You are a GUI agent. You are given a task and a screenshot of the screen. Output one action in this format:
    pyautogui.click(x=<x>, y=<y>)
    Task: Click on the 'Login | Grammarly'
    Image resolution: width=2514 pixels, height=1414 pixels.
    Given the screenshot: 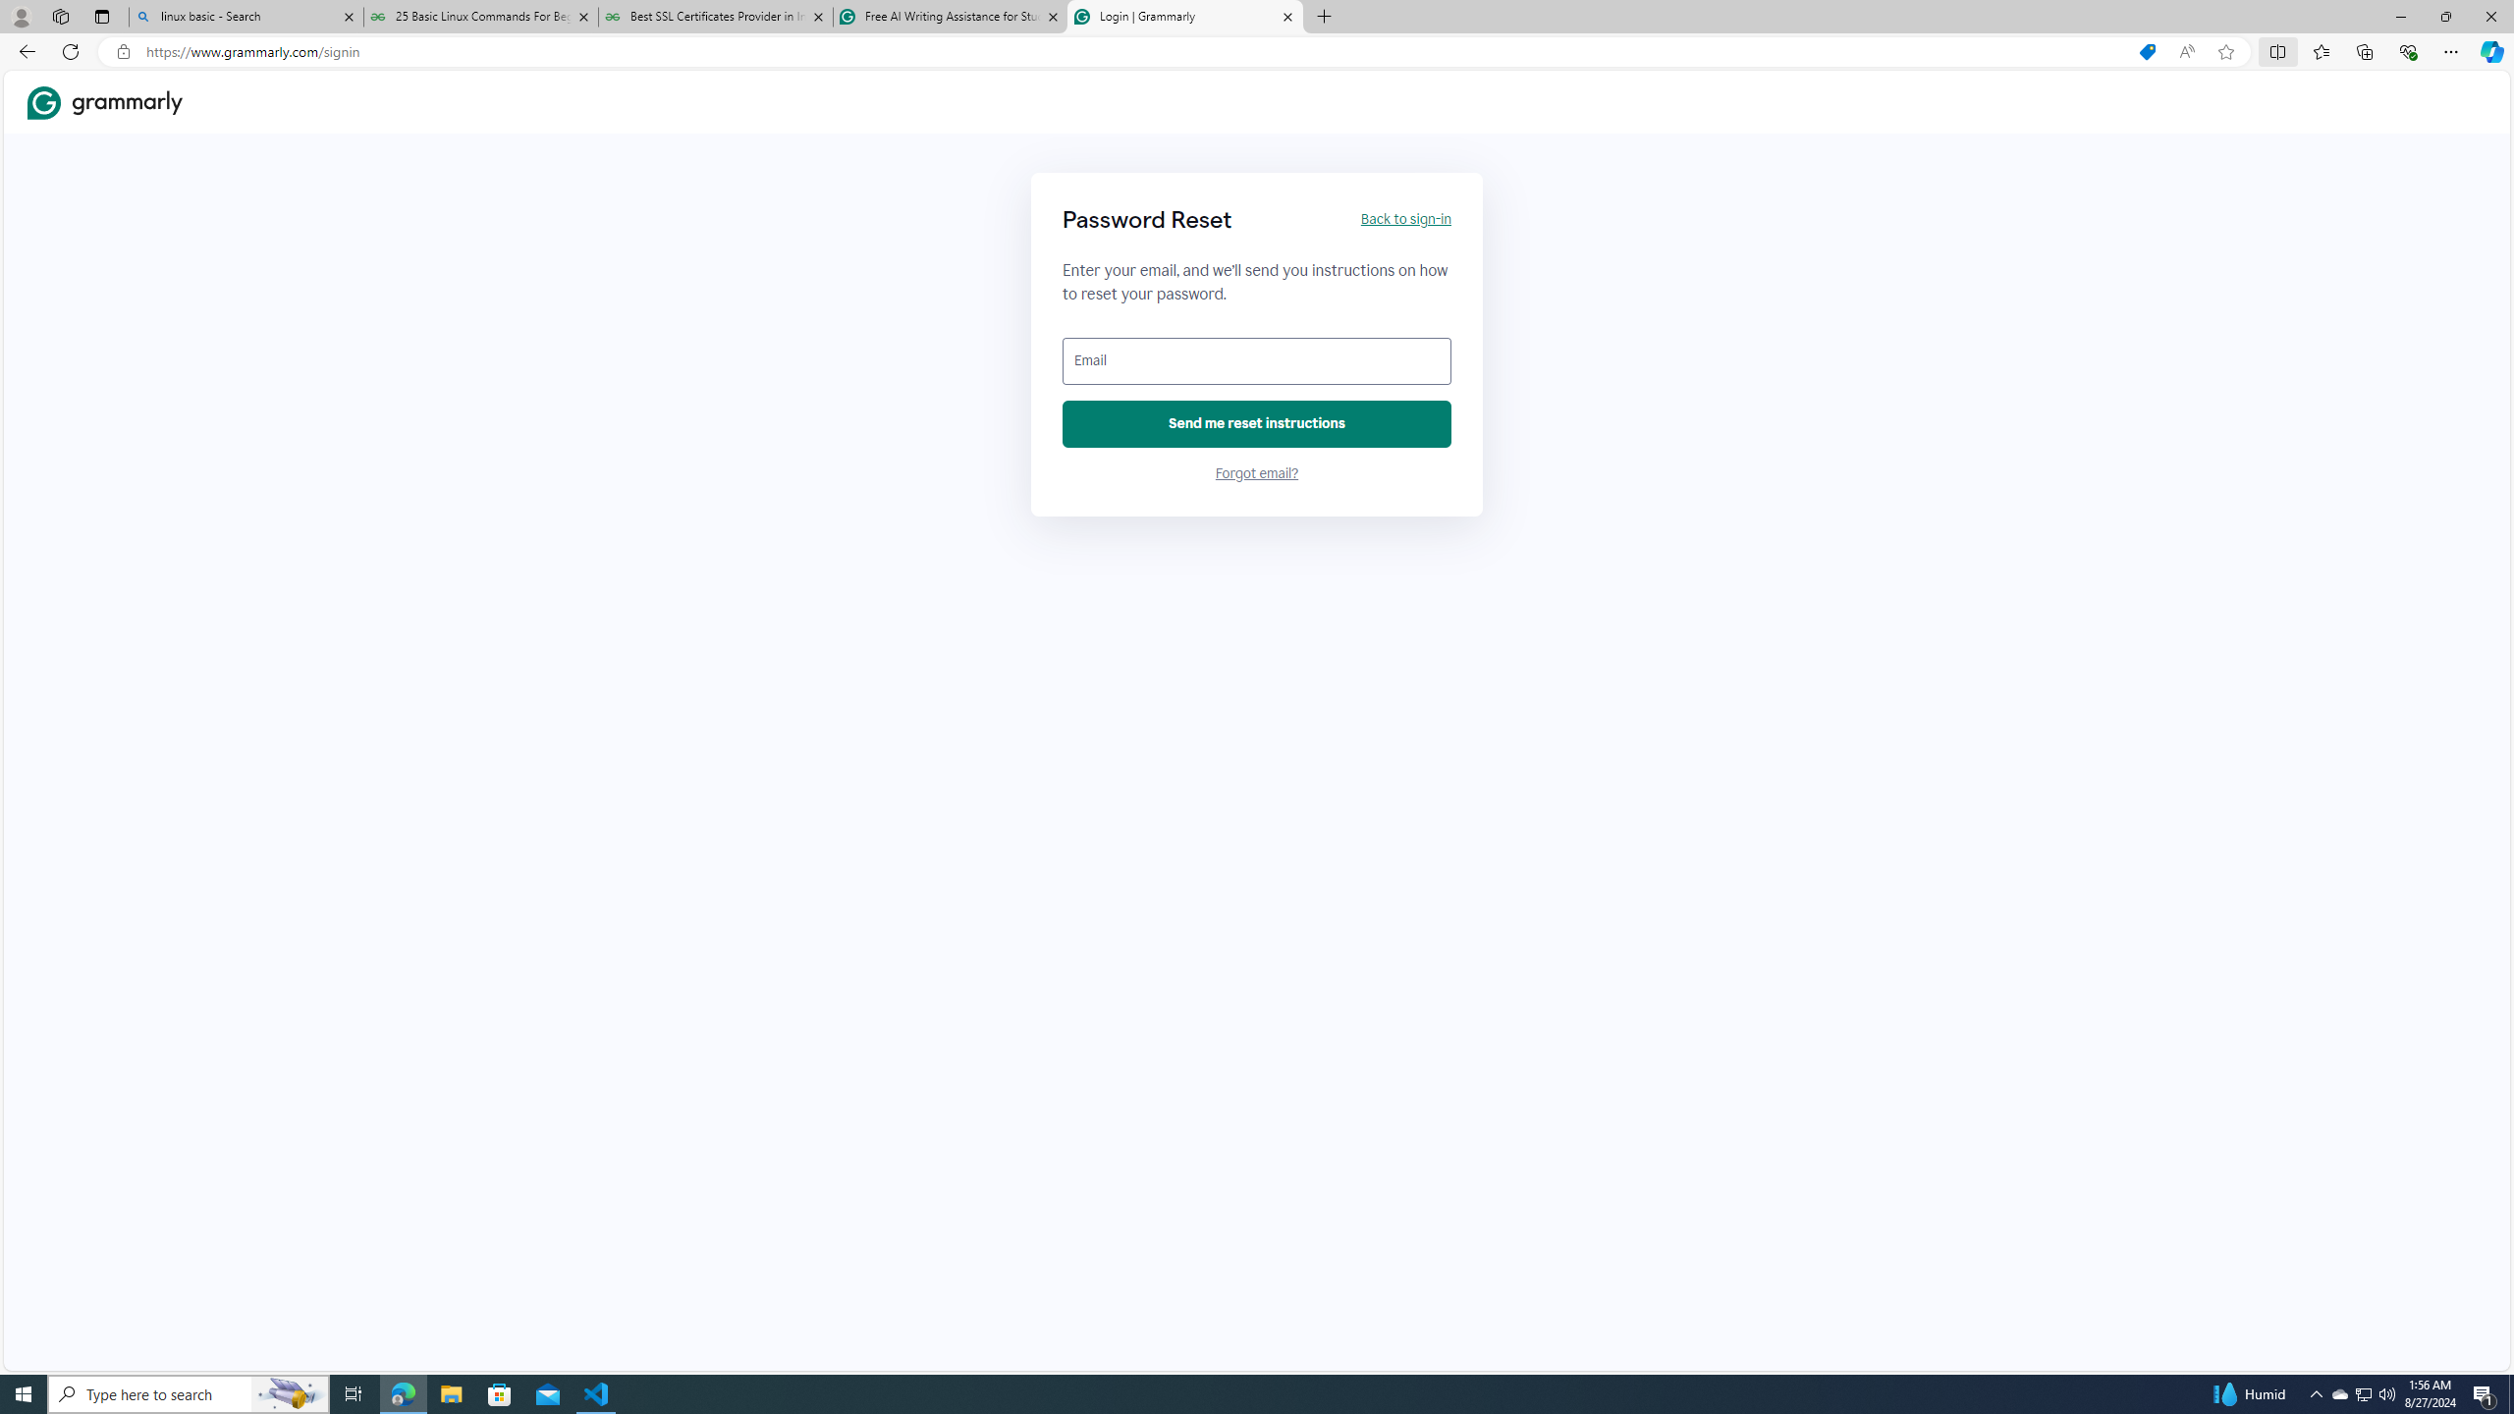 What is the action you would take?
    pyautogui.click(x=1182, y=16)
    